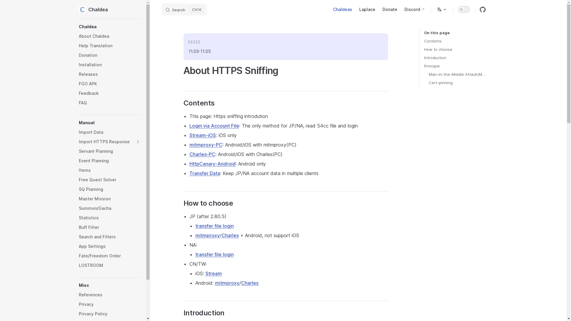 The width and height of the screenshot is (571, 321). What do you see at coordinates (206, 144) in the screenshot?
I see `'mitmproxy-PC'` at bounding box center [206, 144].